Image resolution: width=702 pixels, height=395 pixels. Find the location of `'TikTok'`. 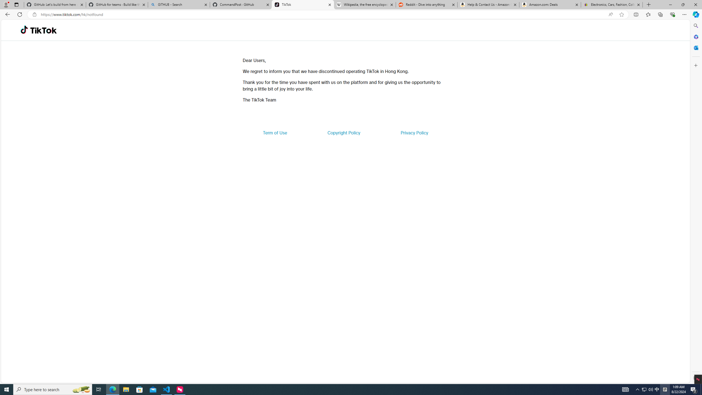

'TikTok' is located at coordinates (43, 30).